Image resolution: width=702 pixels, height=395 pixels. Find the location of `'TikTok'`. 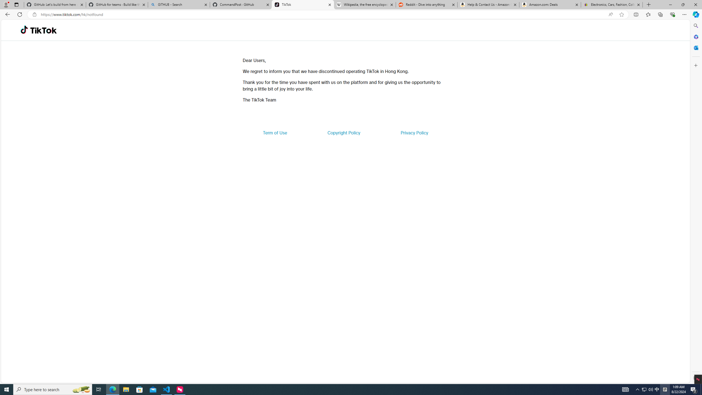

'TikTok' is located at coordinates (43, 30).